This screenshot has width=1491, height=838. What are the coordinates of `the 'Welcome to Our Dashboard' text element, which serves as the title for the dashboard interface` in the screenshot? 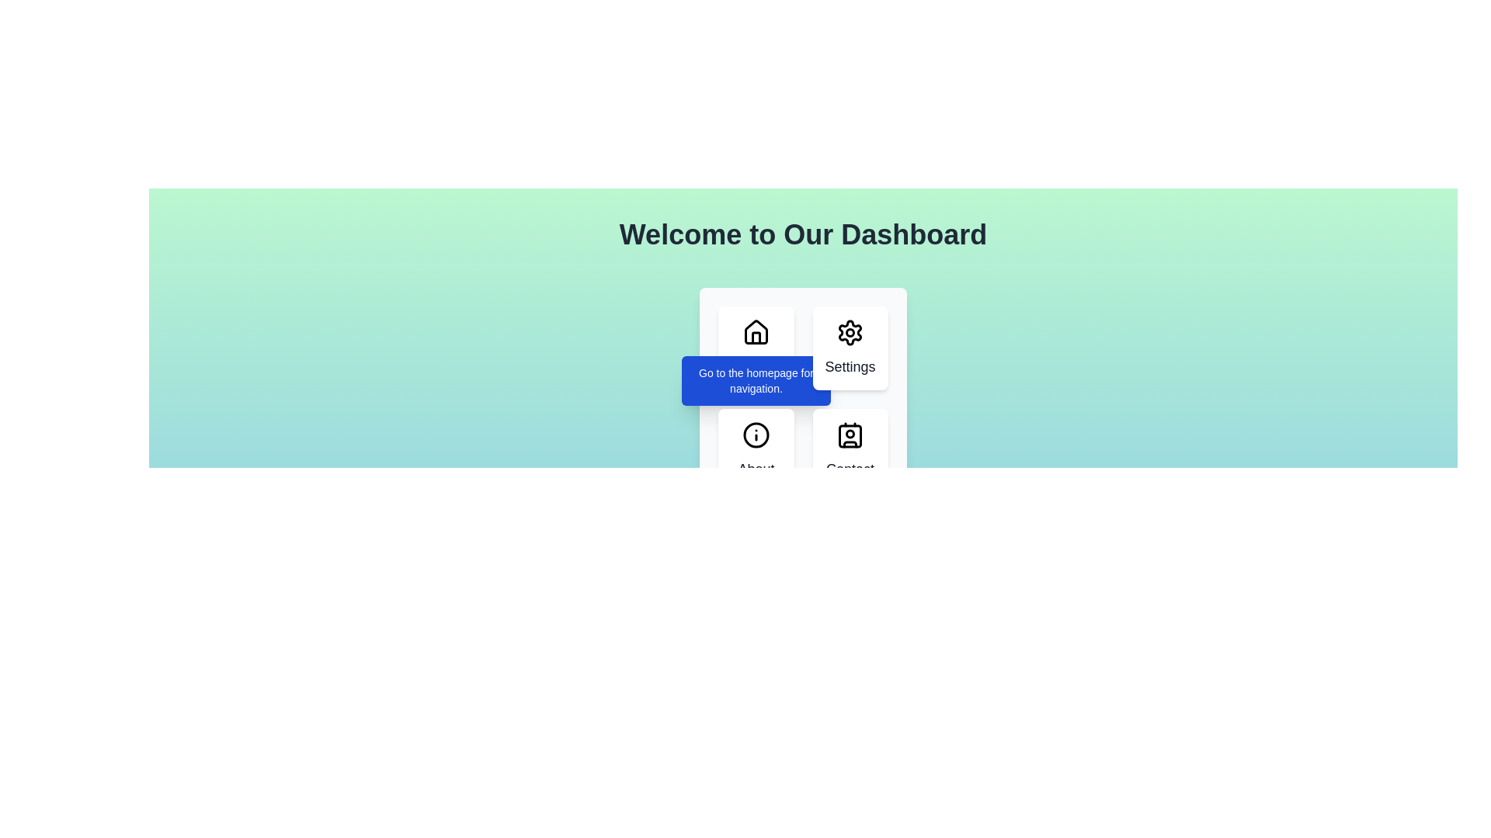 It's located at (803, 235).